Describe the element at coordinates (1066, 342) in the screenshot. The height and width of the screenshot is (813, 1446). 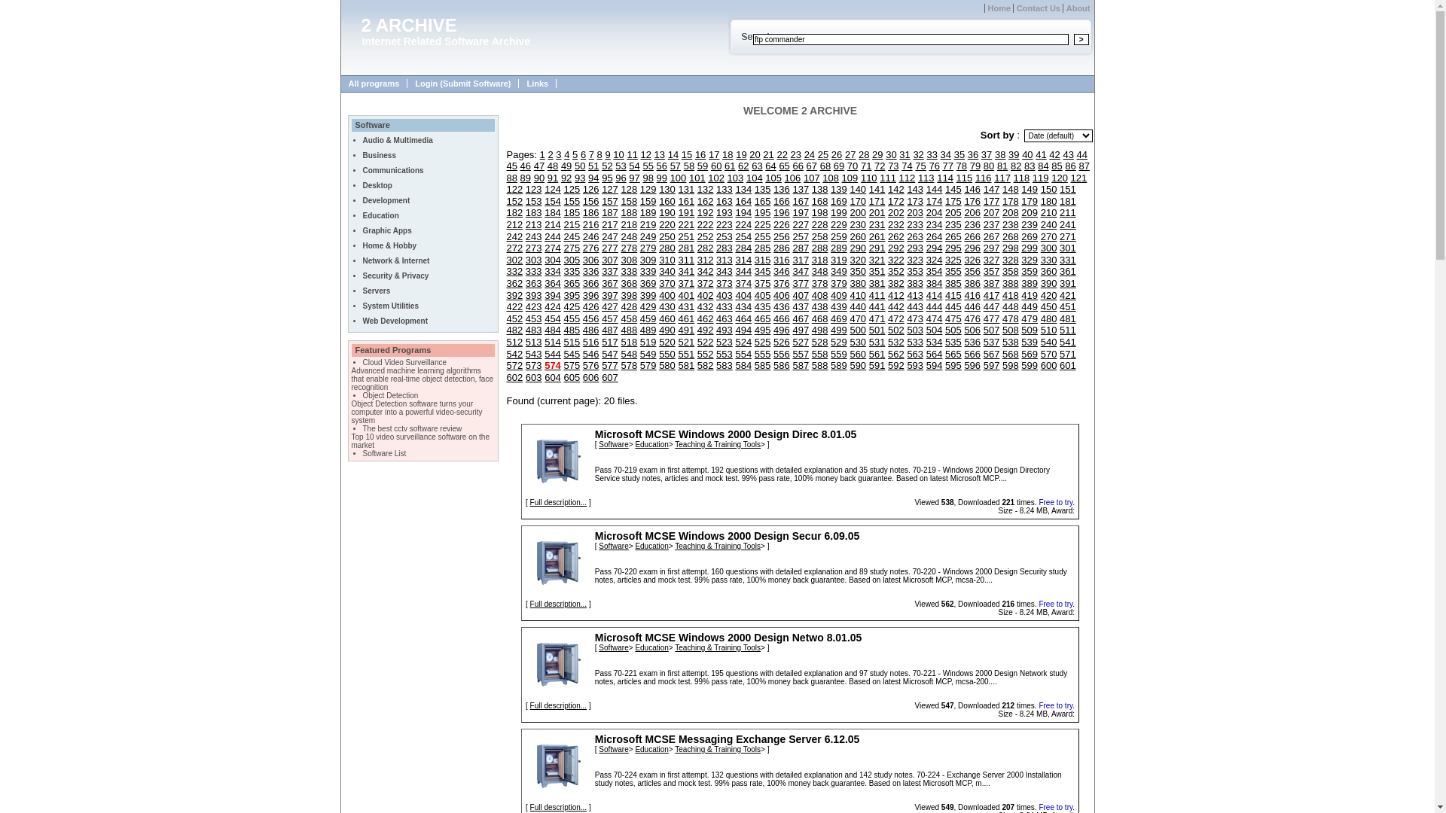
I see `'541'` at that location.